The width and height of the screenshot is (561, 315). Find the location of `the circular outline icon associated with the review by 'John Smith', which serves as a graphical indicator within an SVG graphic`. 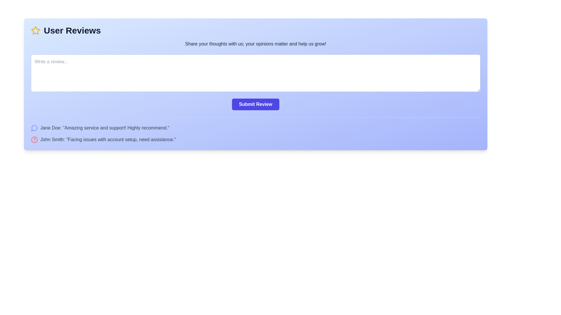

the circular outline icon associated with the review by 'John Smith', which serves as a graphical indicator within an SVG graphic is located at coordinates (34, 139).